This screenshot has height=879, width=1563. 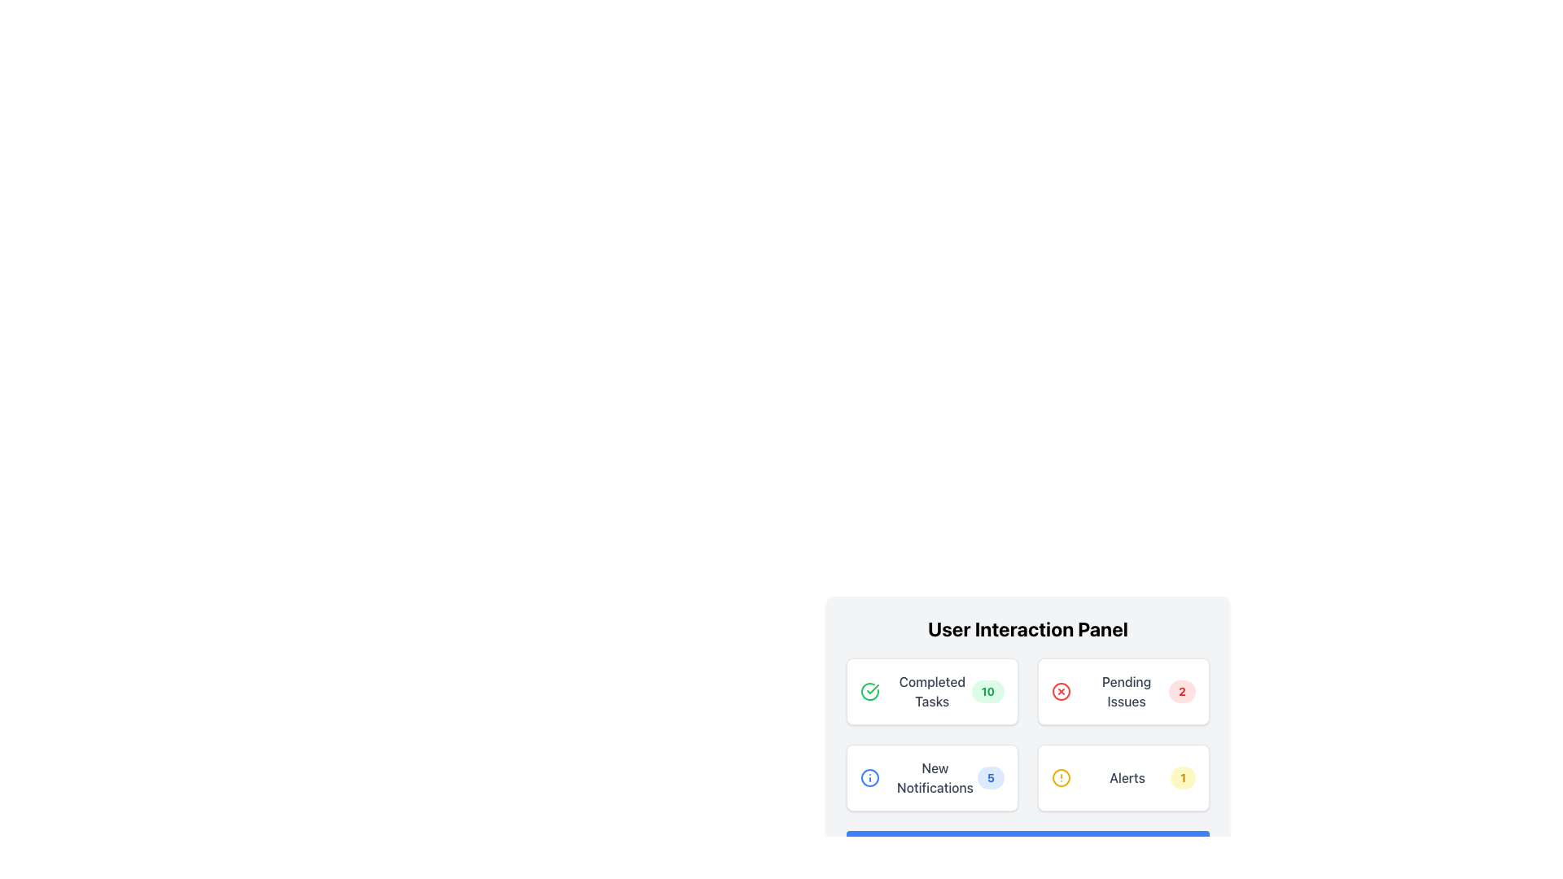 I want to click on circular vector graphic shape representing a cancel action, located within the right-hand box of the 'Pending Issues' section in the 'User Interaction Panel', so click(x=1062, y=691).